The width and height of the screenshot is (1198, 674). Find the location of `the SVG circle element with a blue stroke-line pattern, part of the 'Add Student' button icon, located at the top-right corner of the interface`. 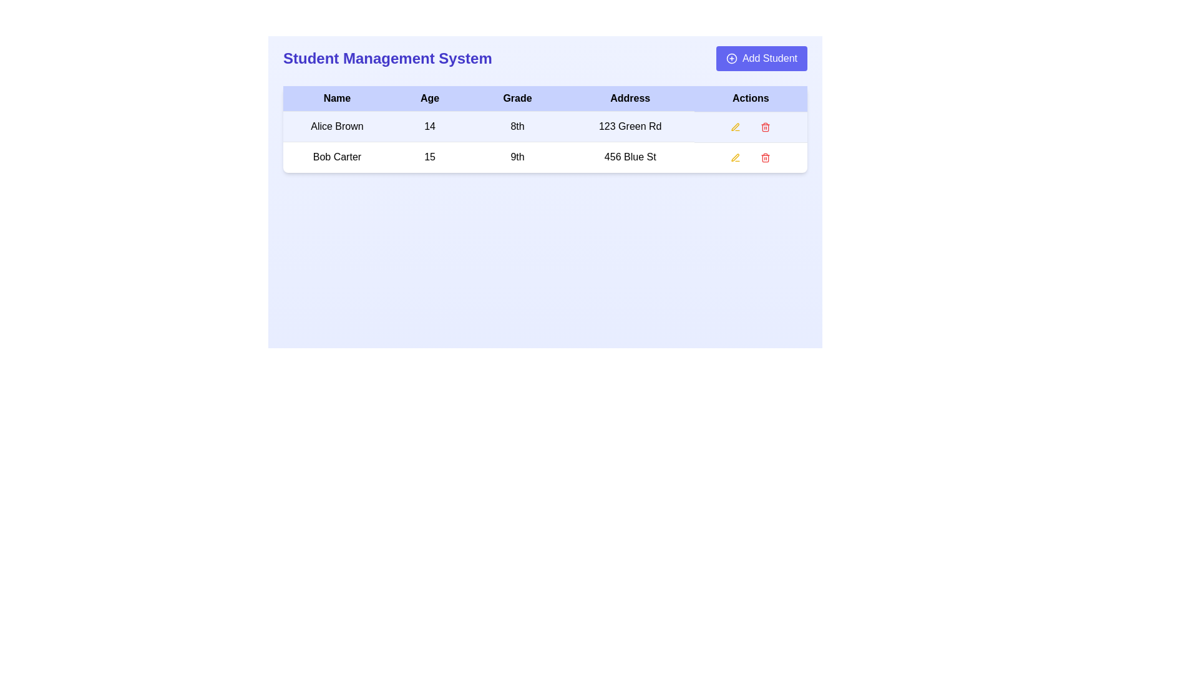

the SVG circle element with a blue stroke-line pattern, part of the 'Add Student' button icon, located at the top-right corner of the interface is located at coordinates (731, 58).